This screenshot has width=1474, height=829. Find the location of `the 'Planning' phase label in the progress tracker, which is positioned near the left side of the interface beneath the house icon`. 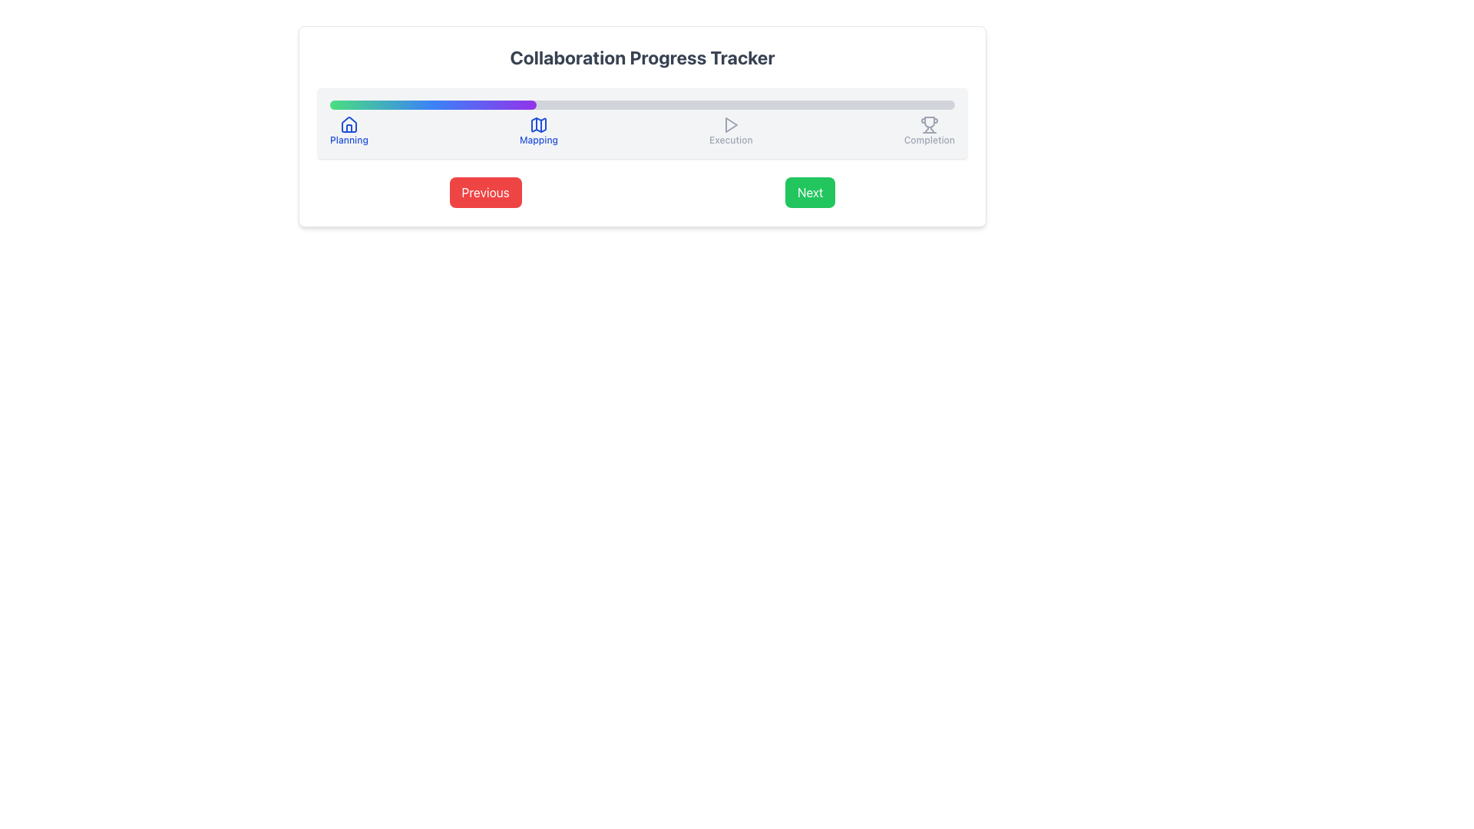

the 'Planning' phase label in the progress tracker, which is positioned near the left side of the interface beneath the house icon is located at coordinates (348, 140).